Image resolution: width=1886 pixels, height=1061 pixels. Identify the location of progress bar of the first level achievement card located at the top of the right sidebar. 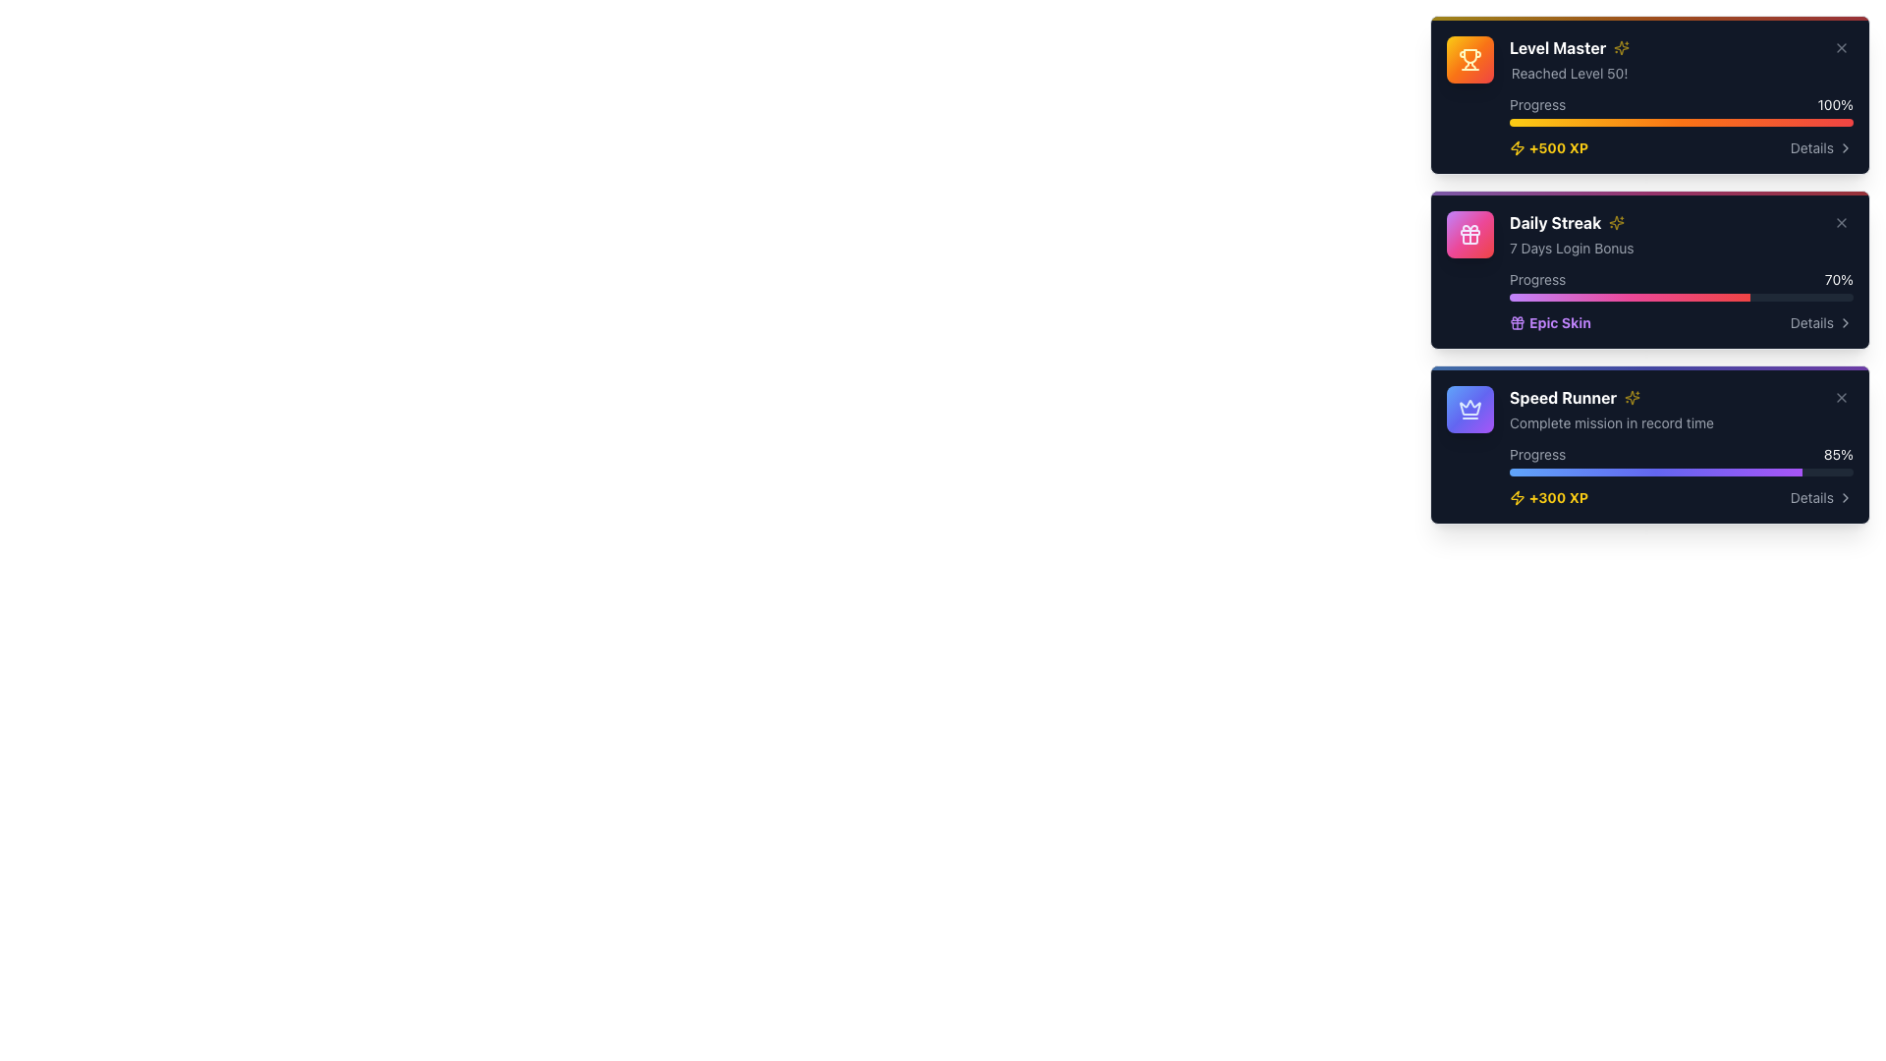
(1681, 97).